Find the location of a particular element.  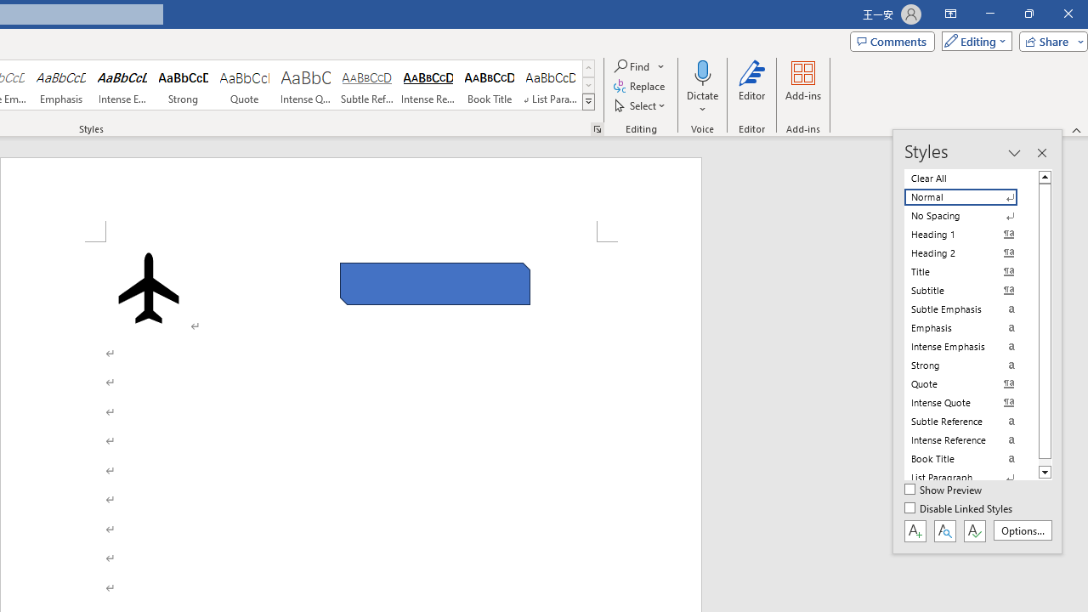

'Comments' is located at coordinates (891, 40).